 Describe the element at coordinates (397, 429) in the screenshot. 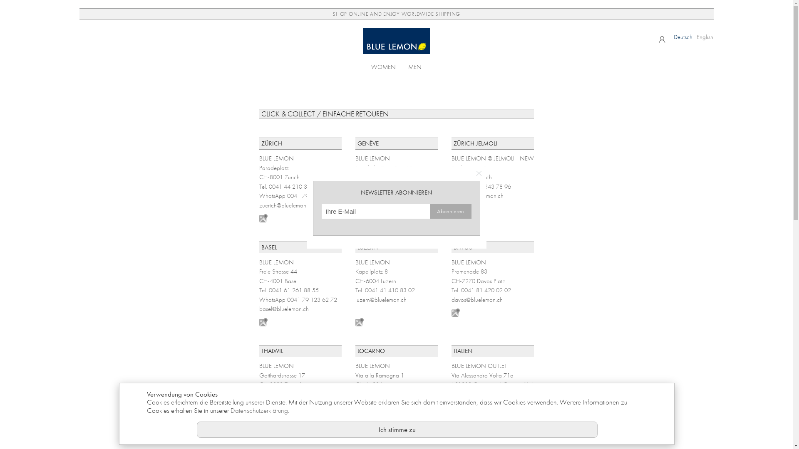

I see `'Ich stimme zu'` at that location.